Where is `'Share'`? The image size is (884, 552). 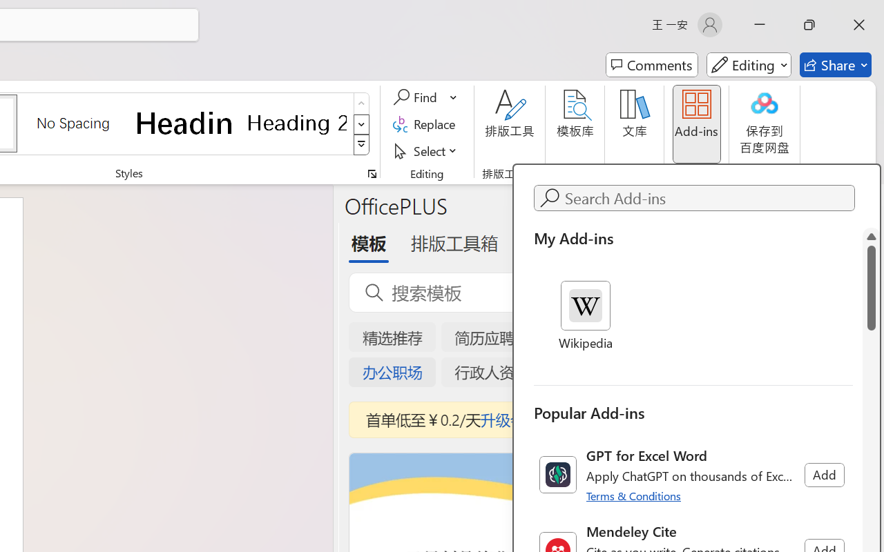
'Share' is located at coordinates (835, 65).